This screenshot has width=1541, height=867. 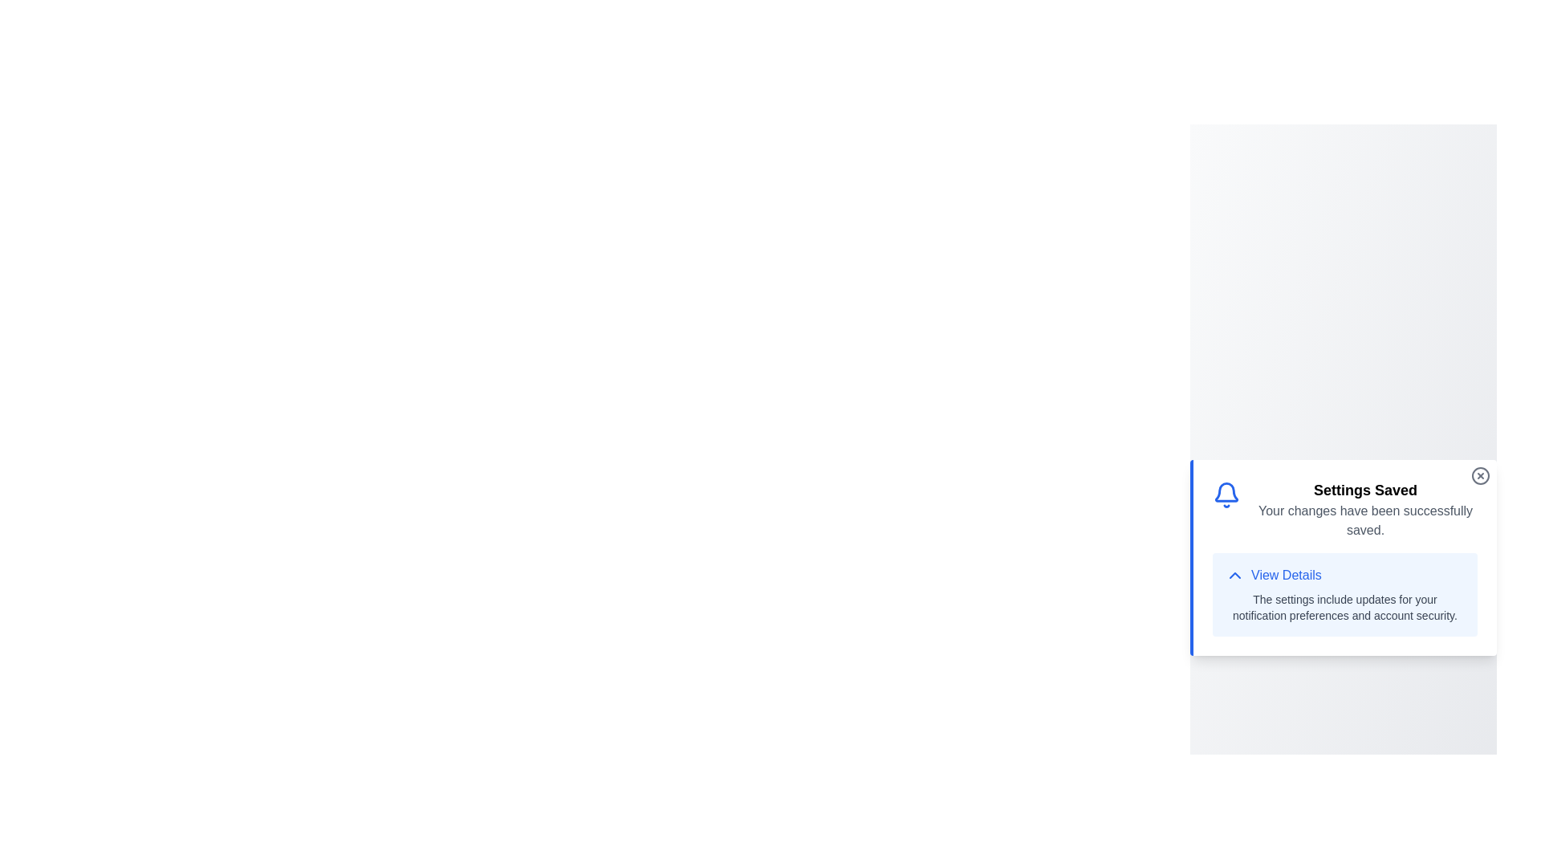 What do you see at coordinates (1272, 575) in the screenshot?
I see `the 'View Details' button to toggle the visibility of additional details` at bounding box center [1272, 575].